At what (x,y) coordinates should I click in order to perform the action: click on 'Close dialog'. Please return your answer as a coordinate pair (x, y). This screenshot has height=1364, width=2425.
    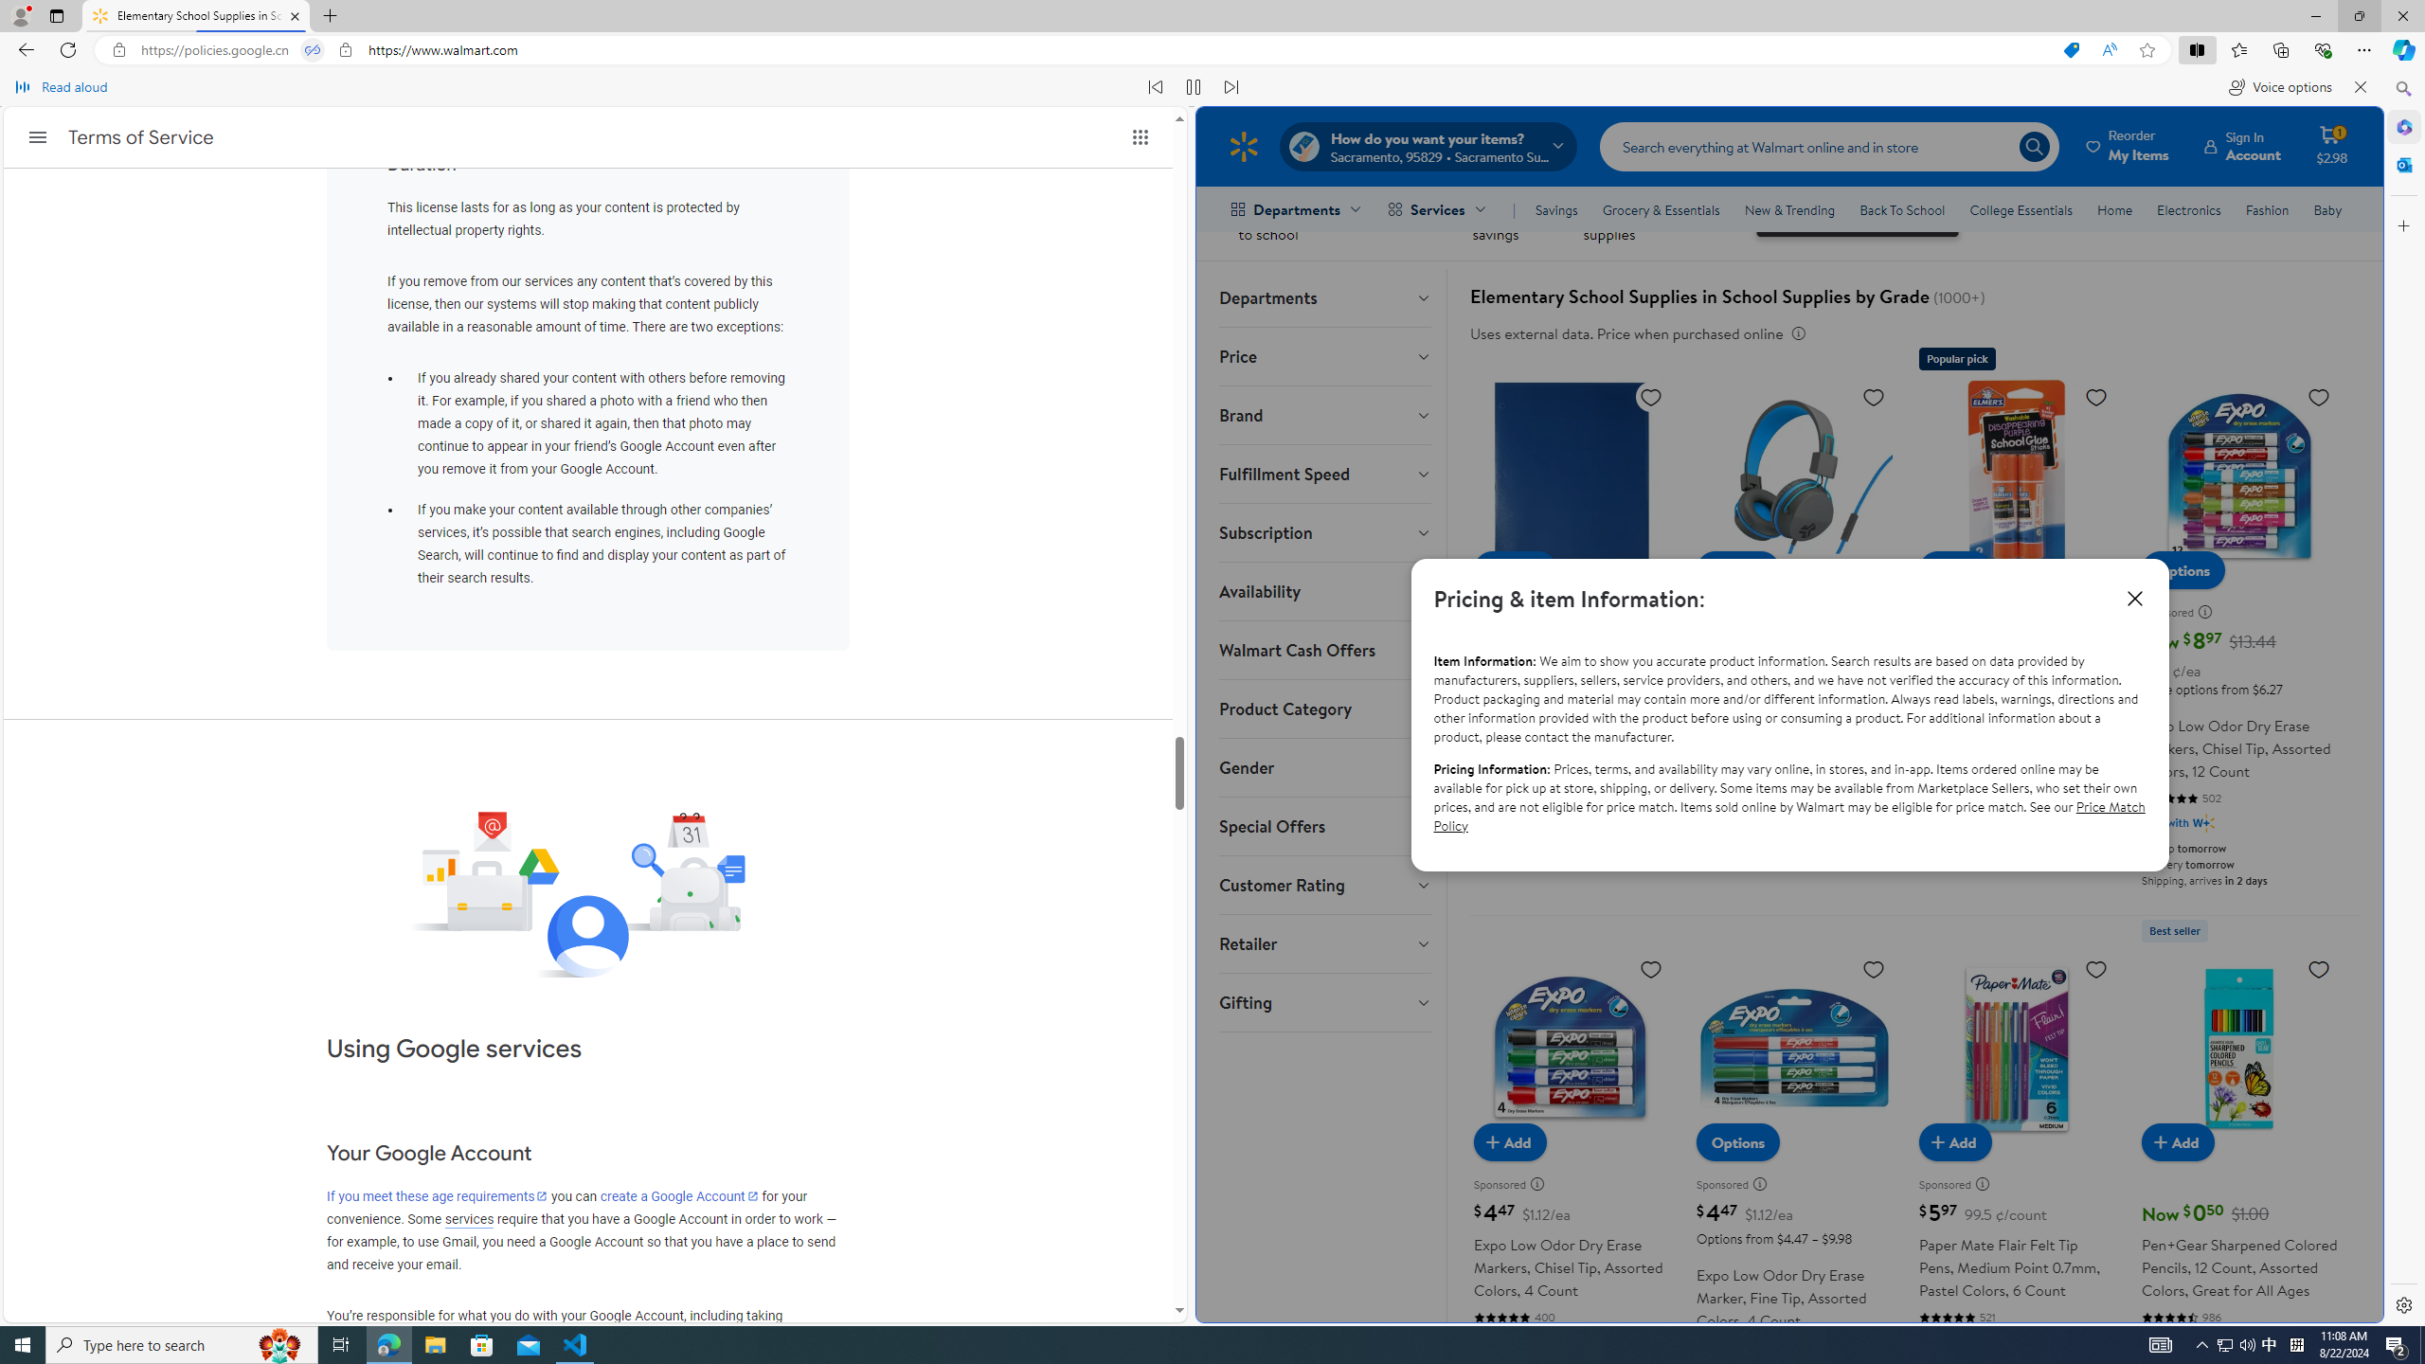
    Looking at the image, I should click on (2132, 598).